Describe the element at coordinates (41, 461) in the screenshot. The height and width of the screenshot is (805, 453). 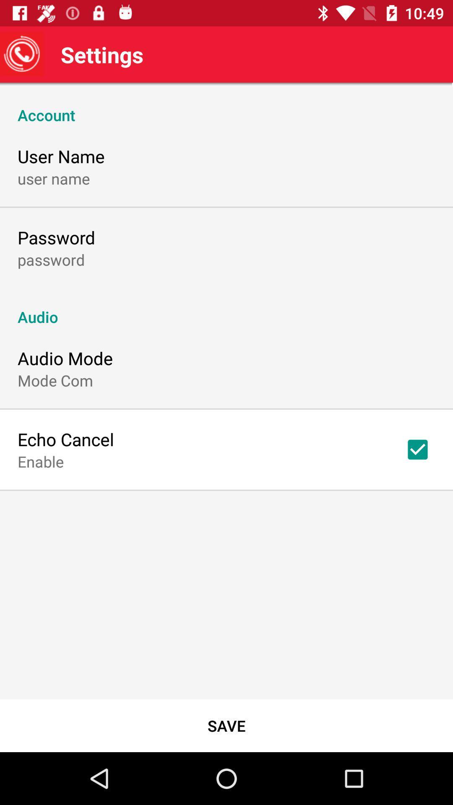
I see `item below echo cancel icon` at that location.